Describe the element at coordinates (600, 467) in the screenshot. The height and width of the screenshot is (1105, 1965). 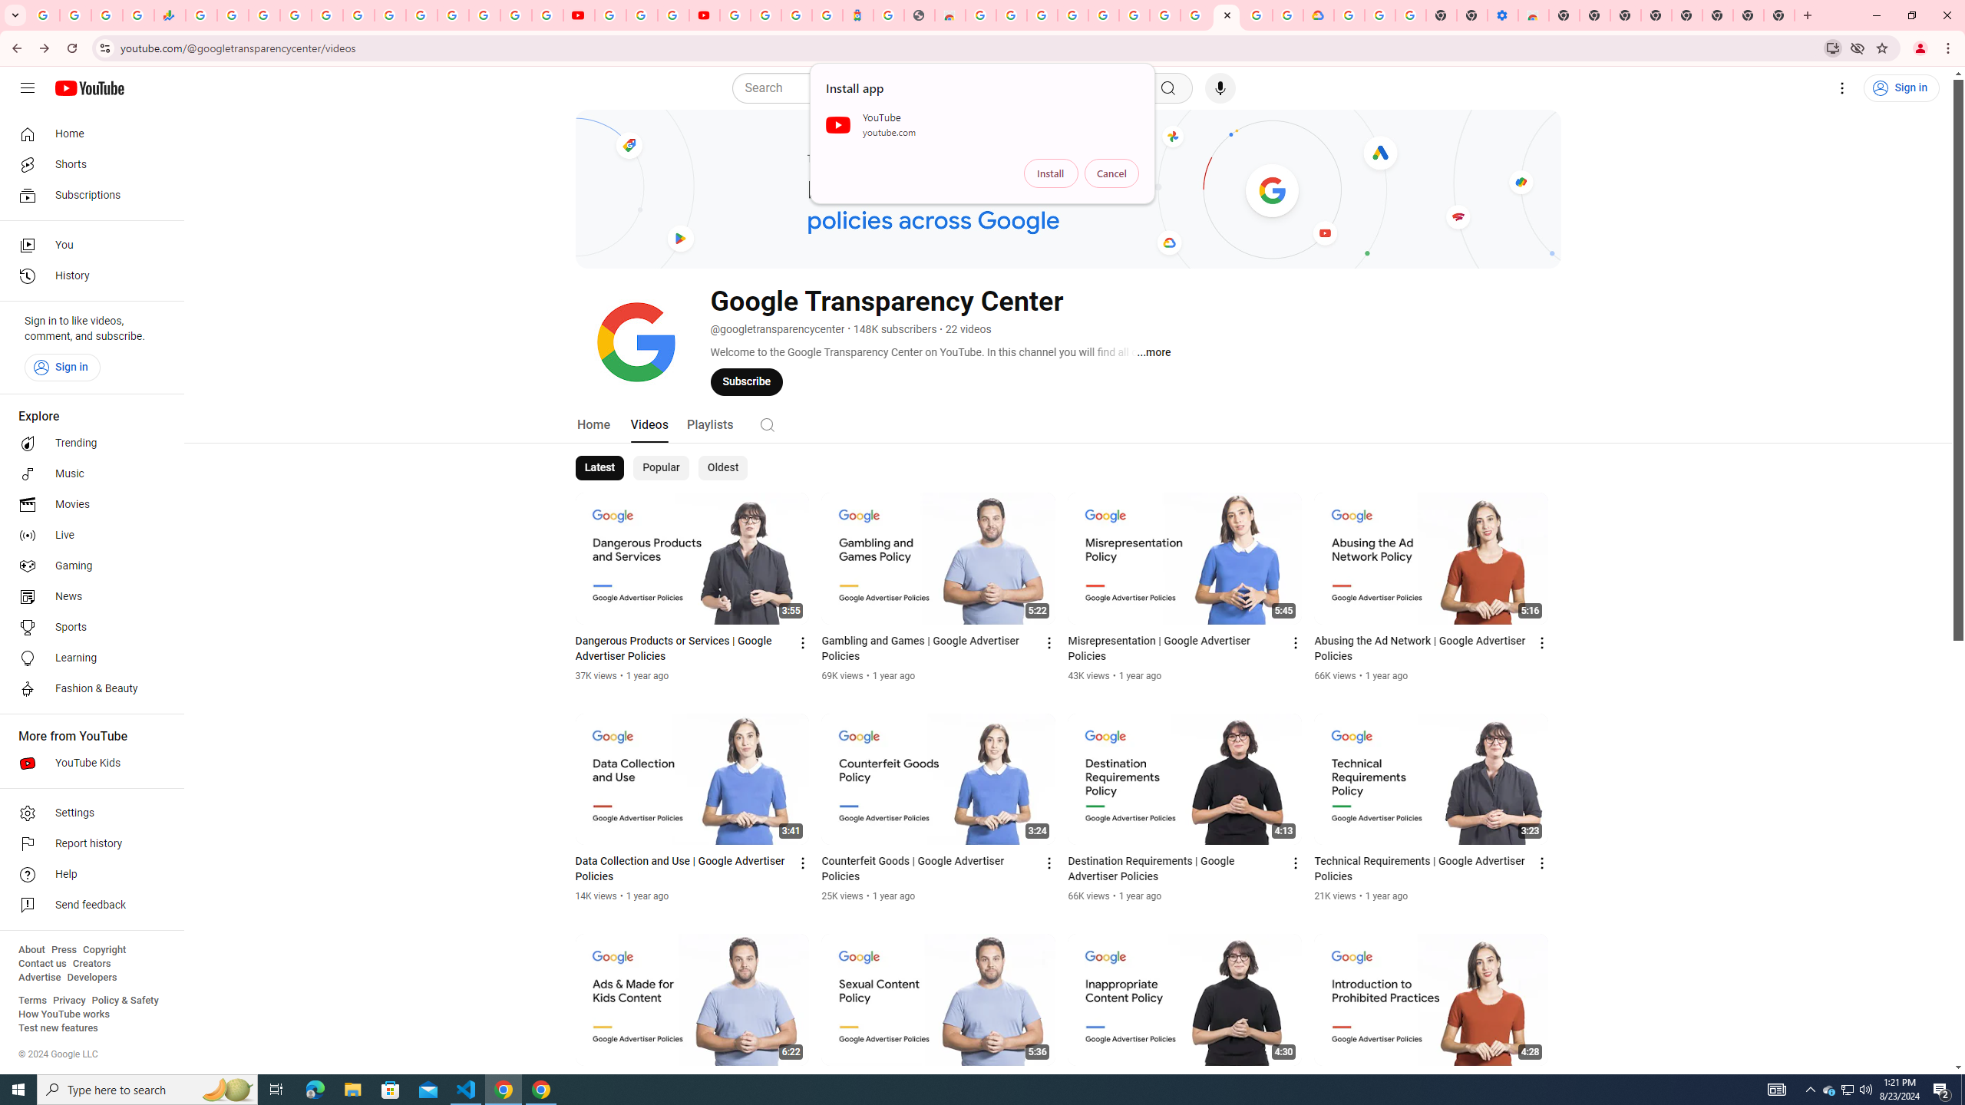
I see `'Latest'` at that location.